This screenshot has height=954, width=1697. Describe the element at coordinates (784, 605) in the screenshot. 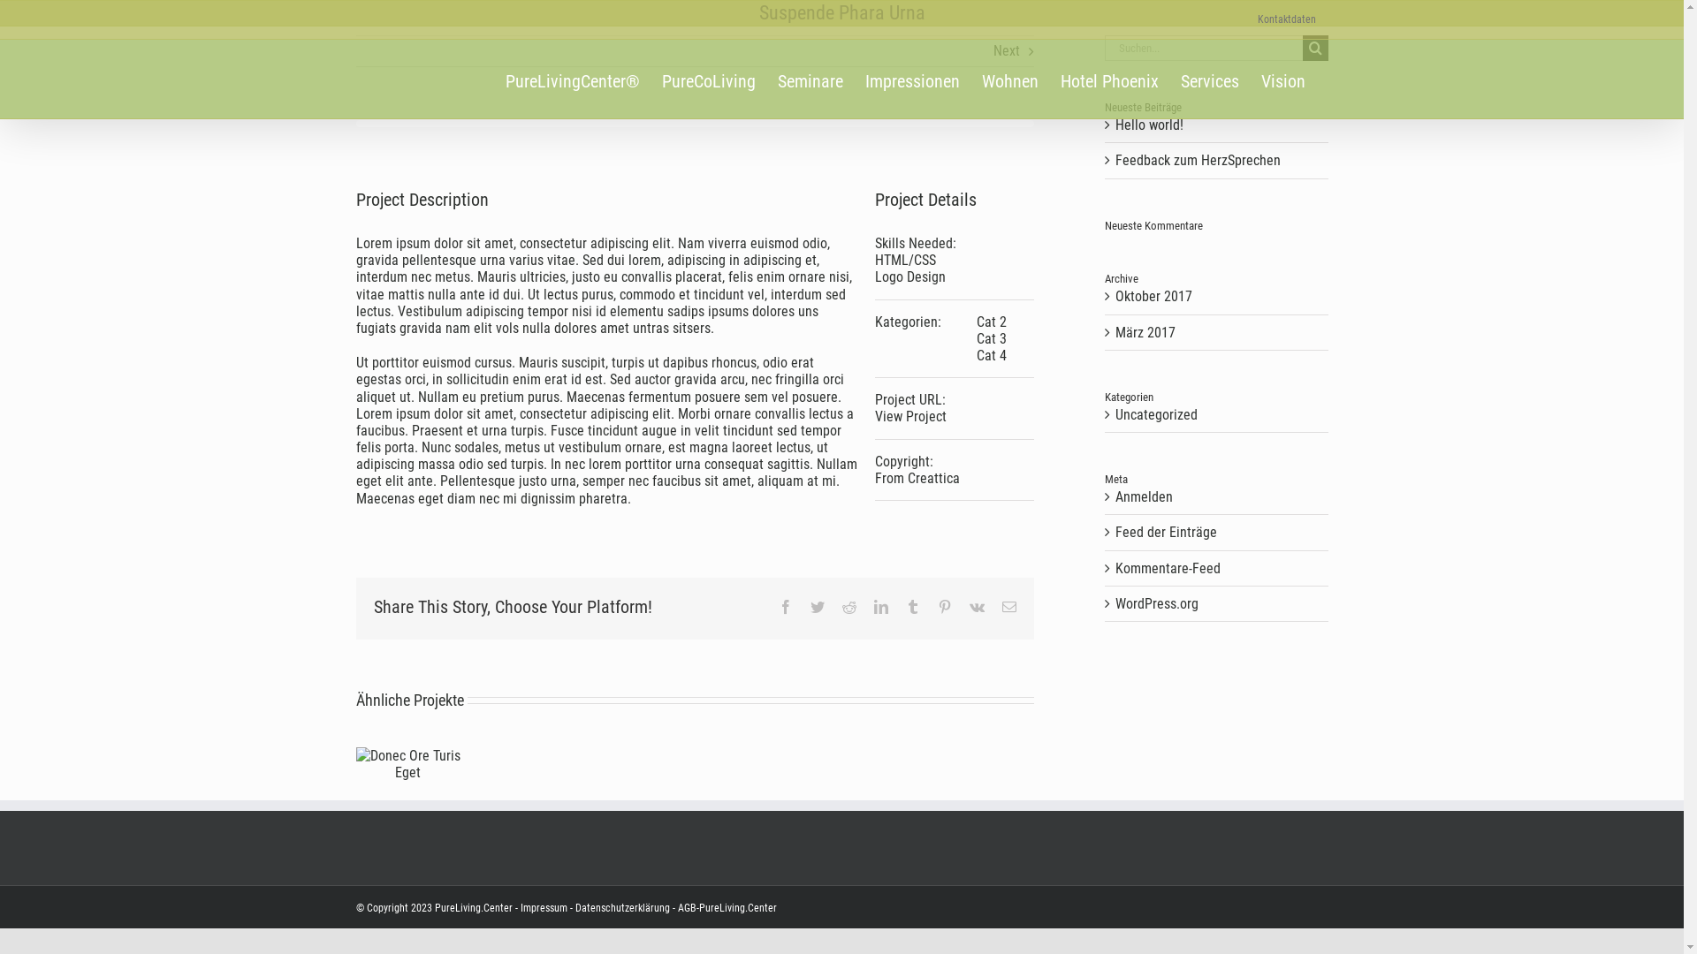

I see `'Facebook'` at that location.